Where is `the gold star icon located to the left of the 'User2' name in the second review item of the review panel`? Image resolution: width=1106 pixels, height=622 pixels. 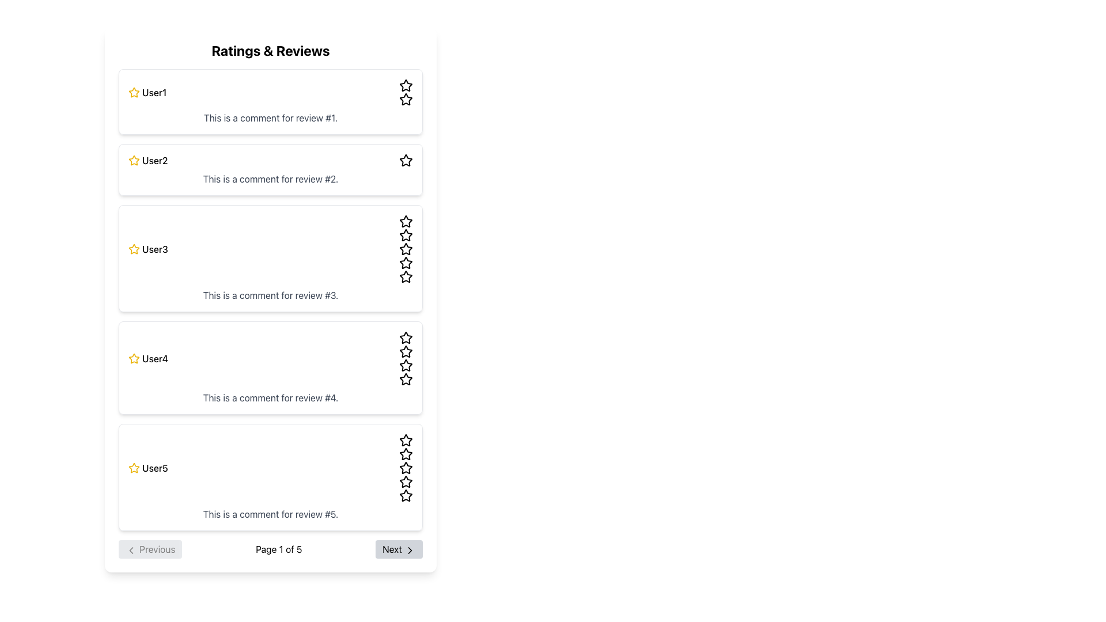 the gold star icon located to the left of the 'User2' name in the second review item of the review panel is located at coordinates (134, 160).